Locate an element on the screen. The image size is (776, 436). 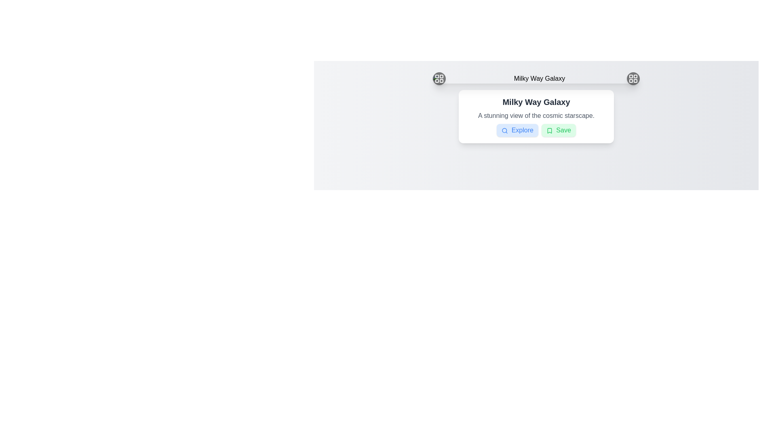
the grid icon located on the left edge of the horizontal header is located at coordinates (439, 79).